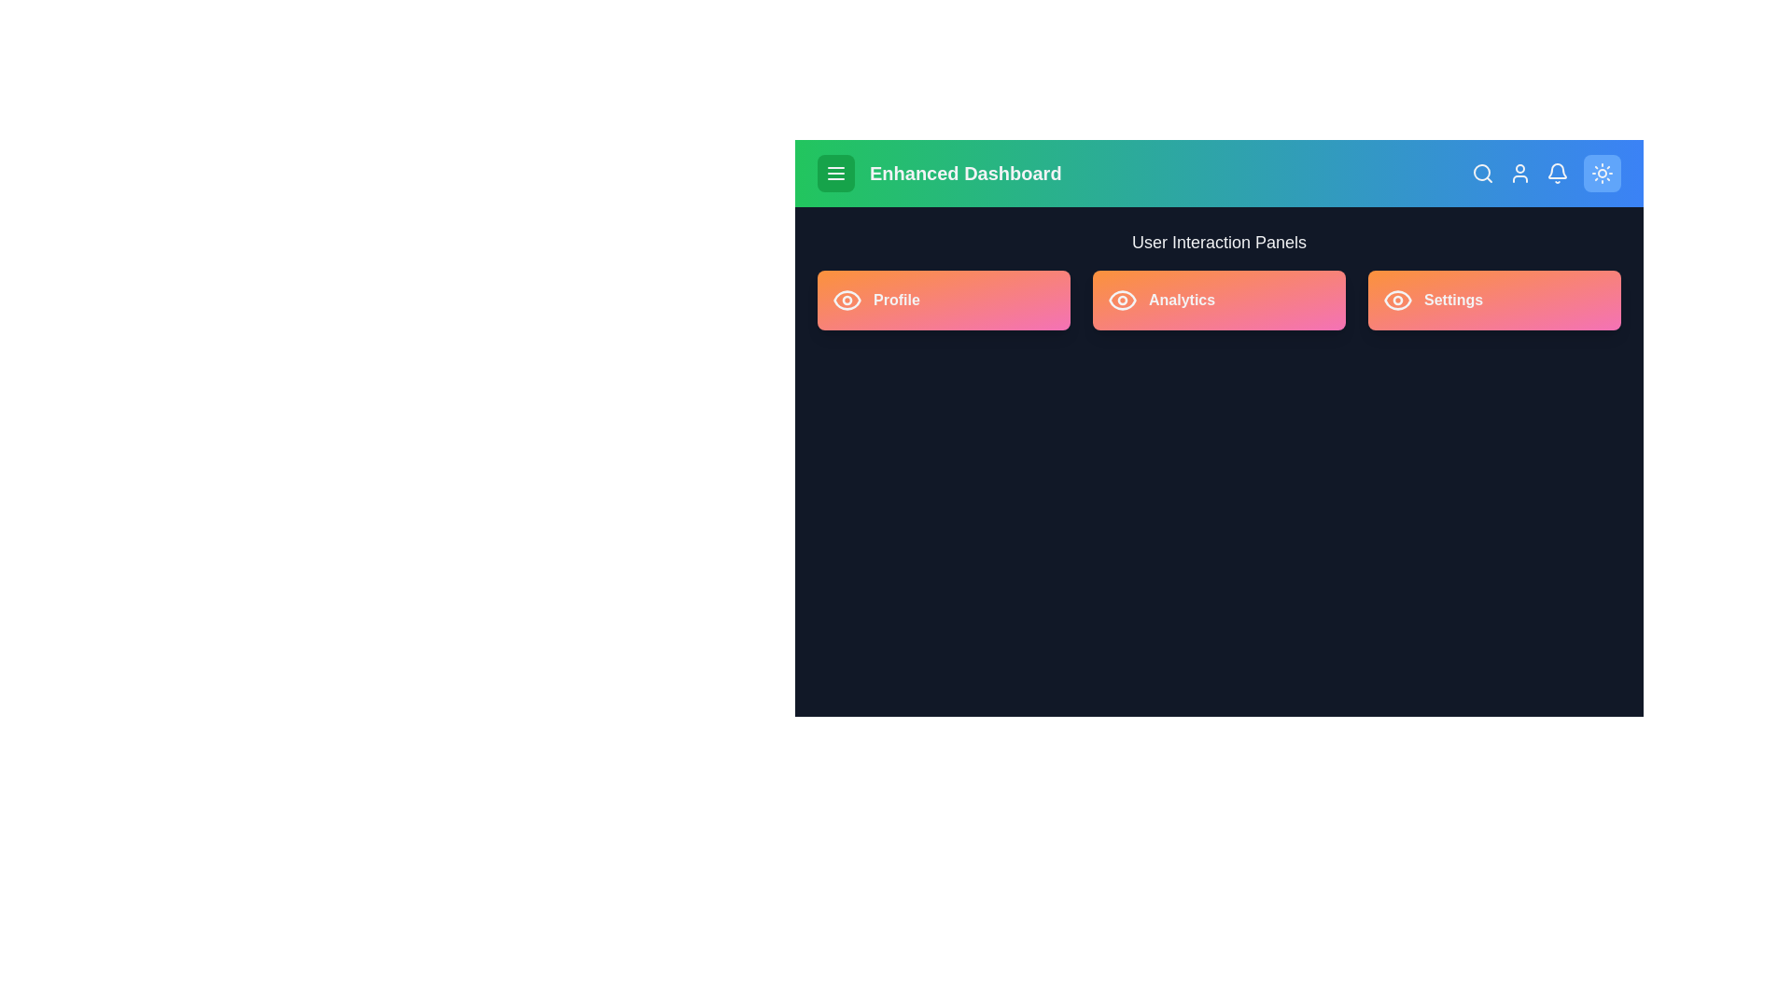  I want to click on the toggle theme button in the top-right corner of the EnhancedAppBar, so click(1602, 173).